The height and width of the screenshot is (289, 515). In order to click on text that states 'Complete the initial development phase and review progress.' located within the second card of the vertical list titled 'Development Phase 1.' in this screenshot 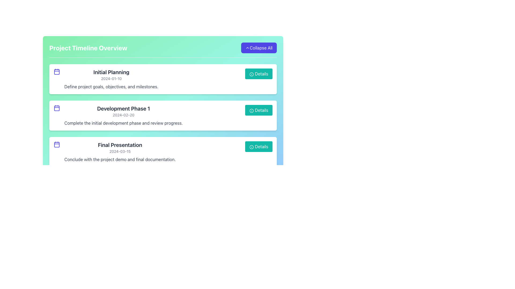, I will do `click(123, 123)`.